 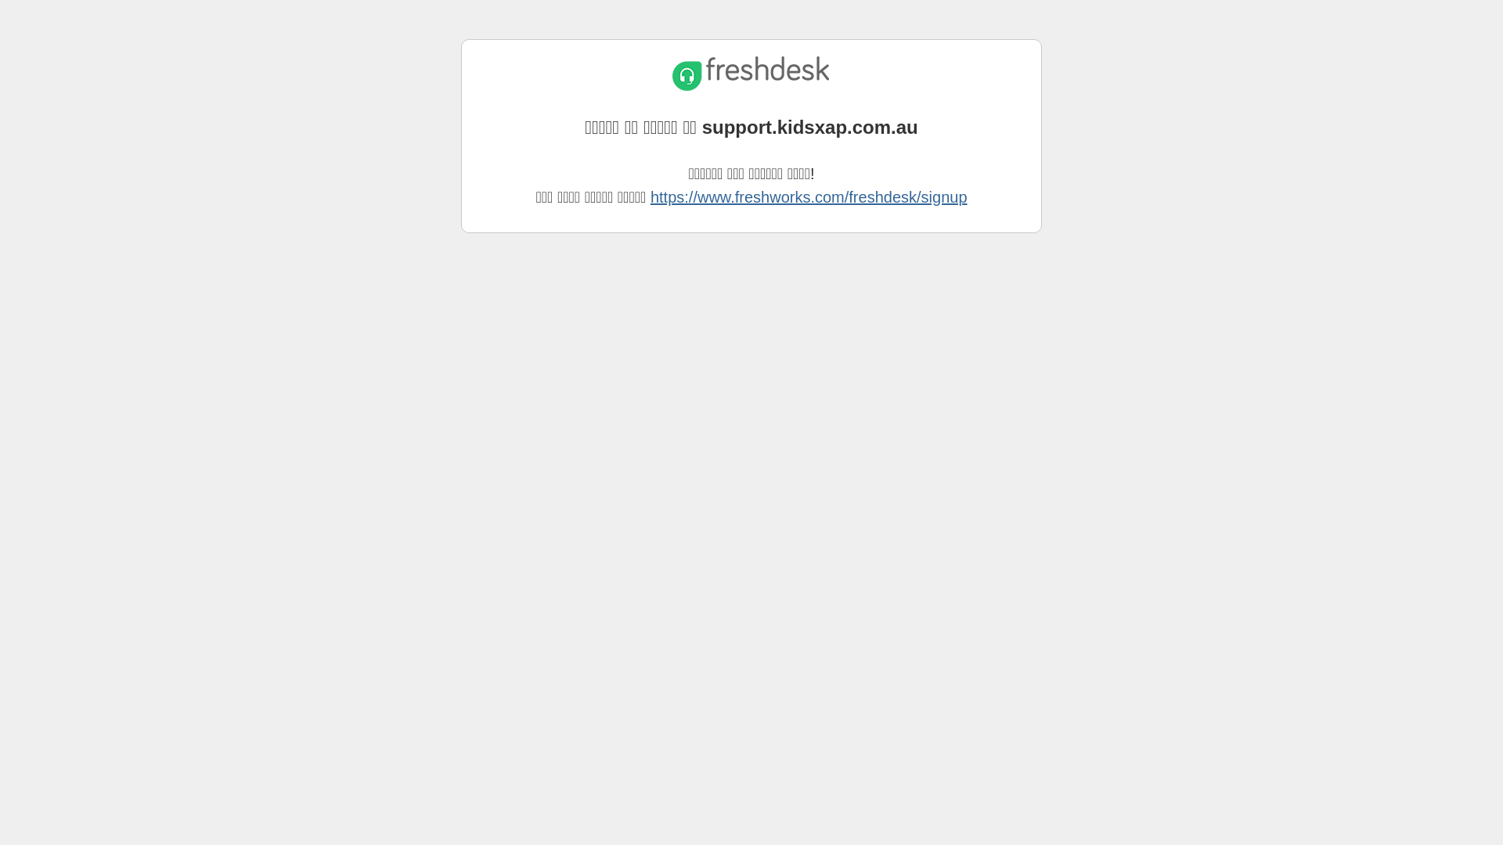 What do you see at coordinates (809, 196) in the screenshot?
I see `'https://www.freshworks.com/freshdesk/signup'` at bounding box center [809, 196].